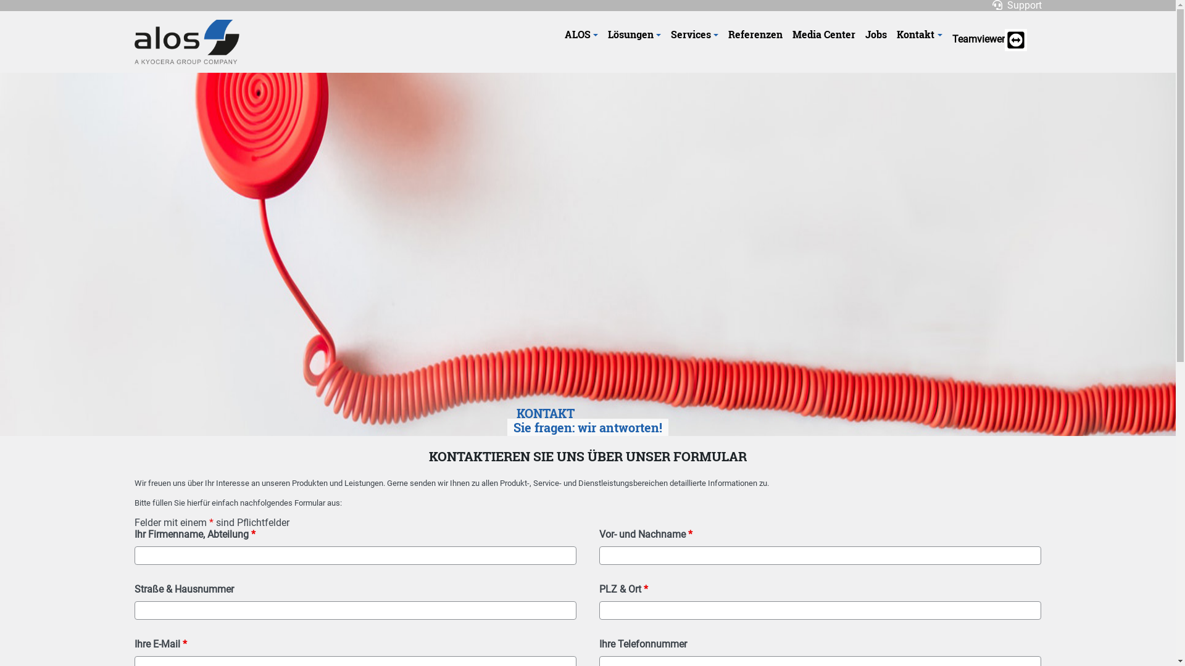 Image resolution: width=1185 pixels, height=666 pixels. Describe the element at coordinates (989, 39) in the screenshot. I see `'Teamviewer'` at that location.